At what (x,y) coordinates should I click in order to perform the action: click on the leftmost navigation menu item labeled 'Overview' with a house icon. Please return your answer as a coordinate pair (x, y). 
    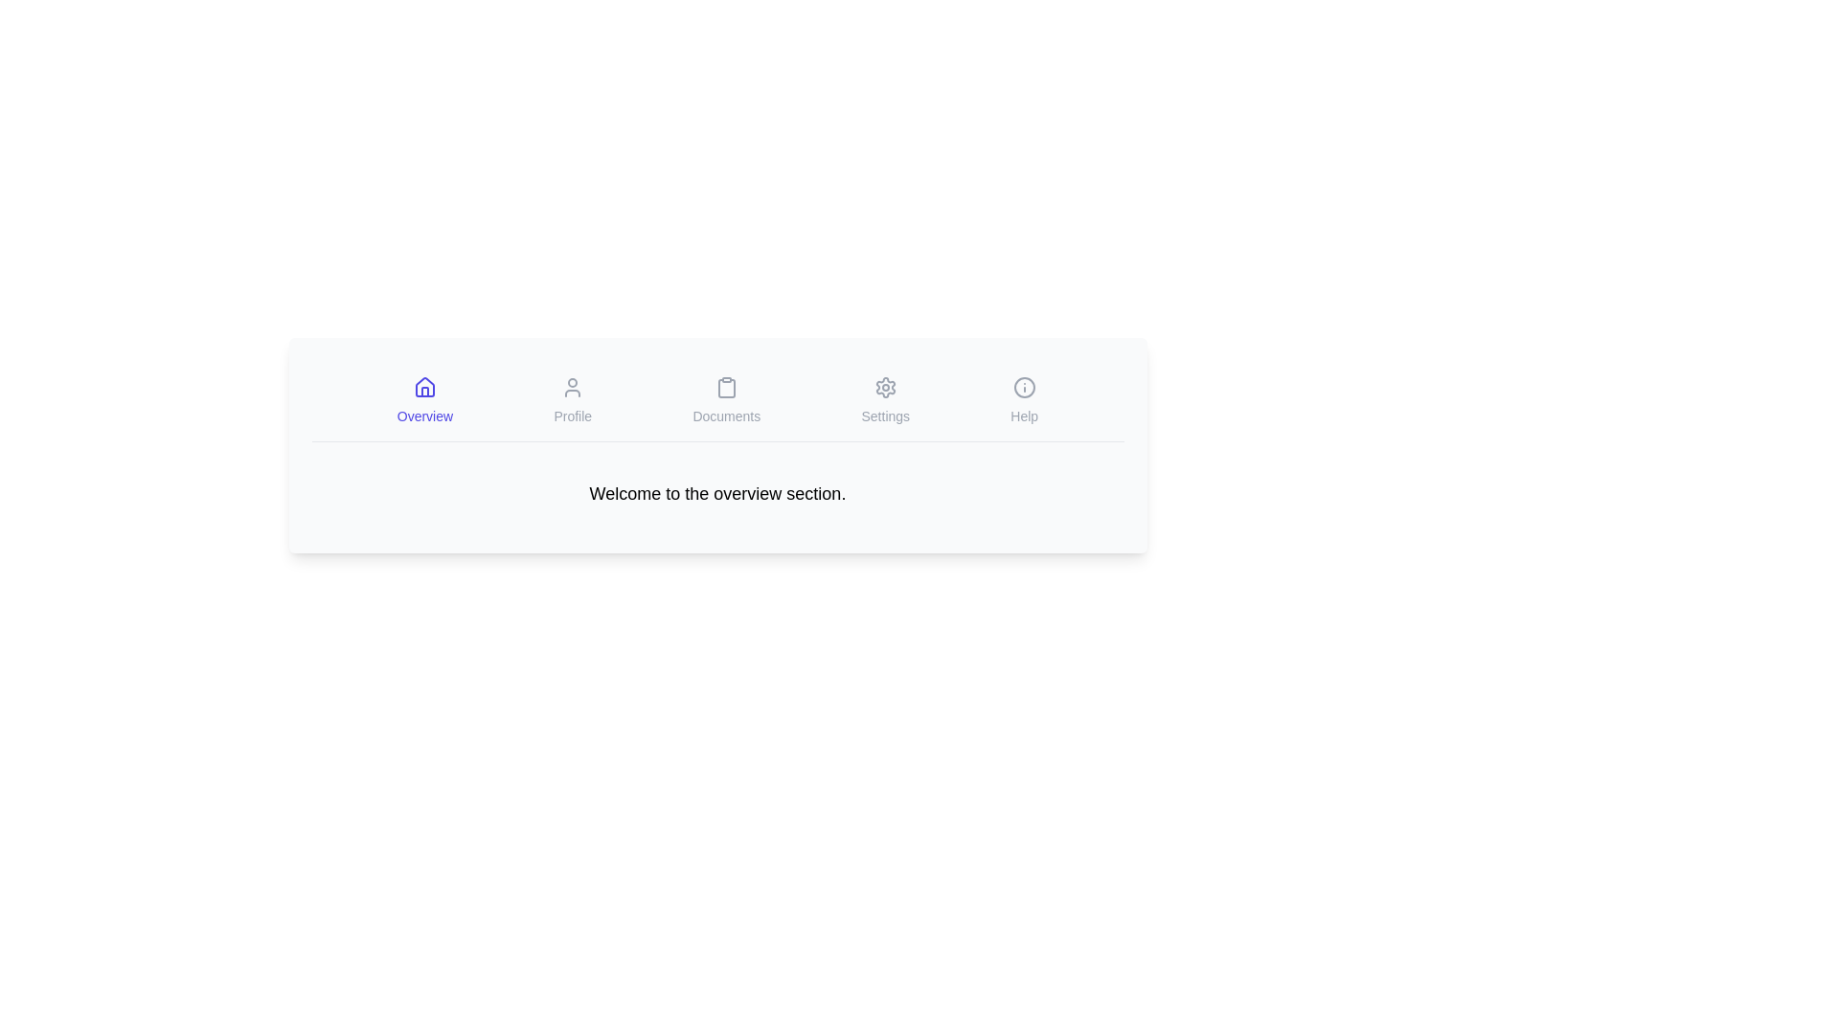
    Looking at the image, I should click on (423, 400).